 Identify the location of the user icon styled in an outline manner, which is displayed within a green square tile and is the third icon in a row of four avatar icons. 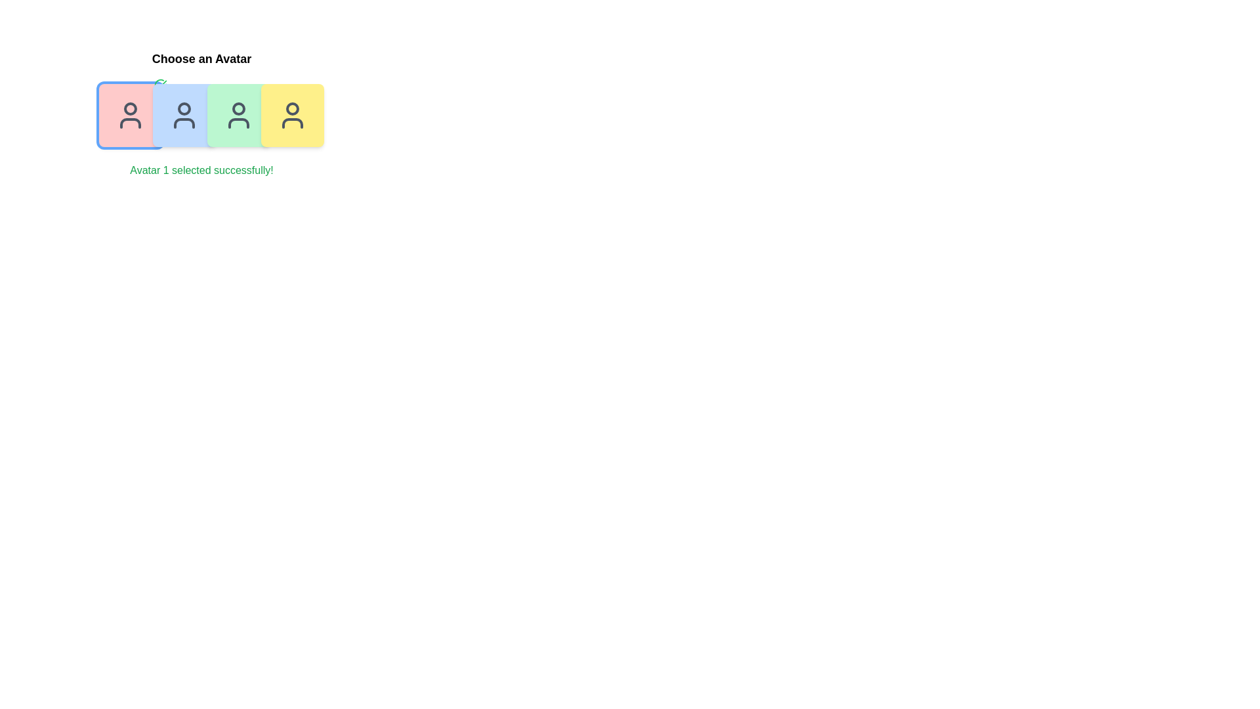
(238, 115).